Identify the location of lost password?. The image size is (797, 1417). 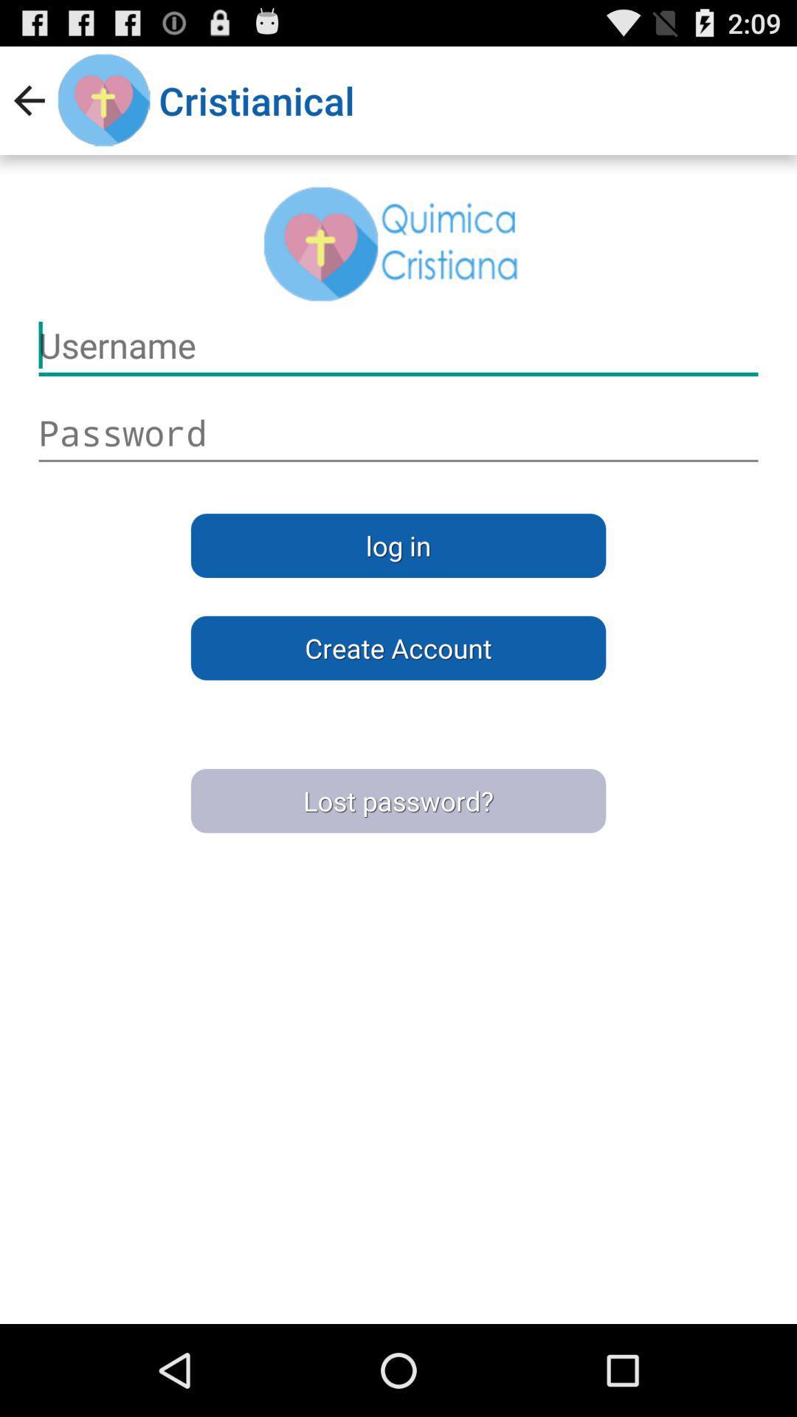
(398, 800).